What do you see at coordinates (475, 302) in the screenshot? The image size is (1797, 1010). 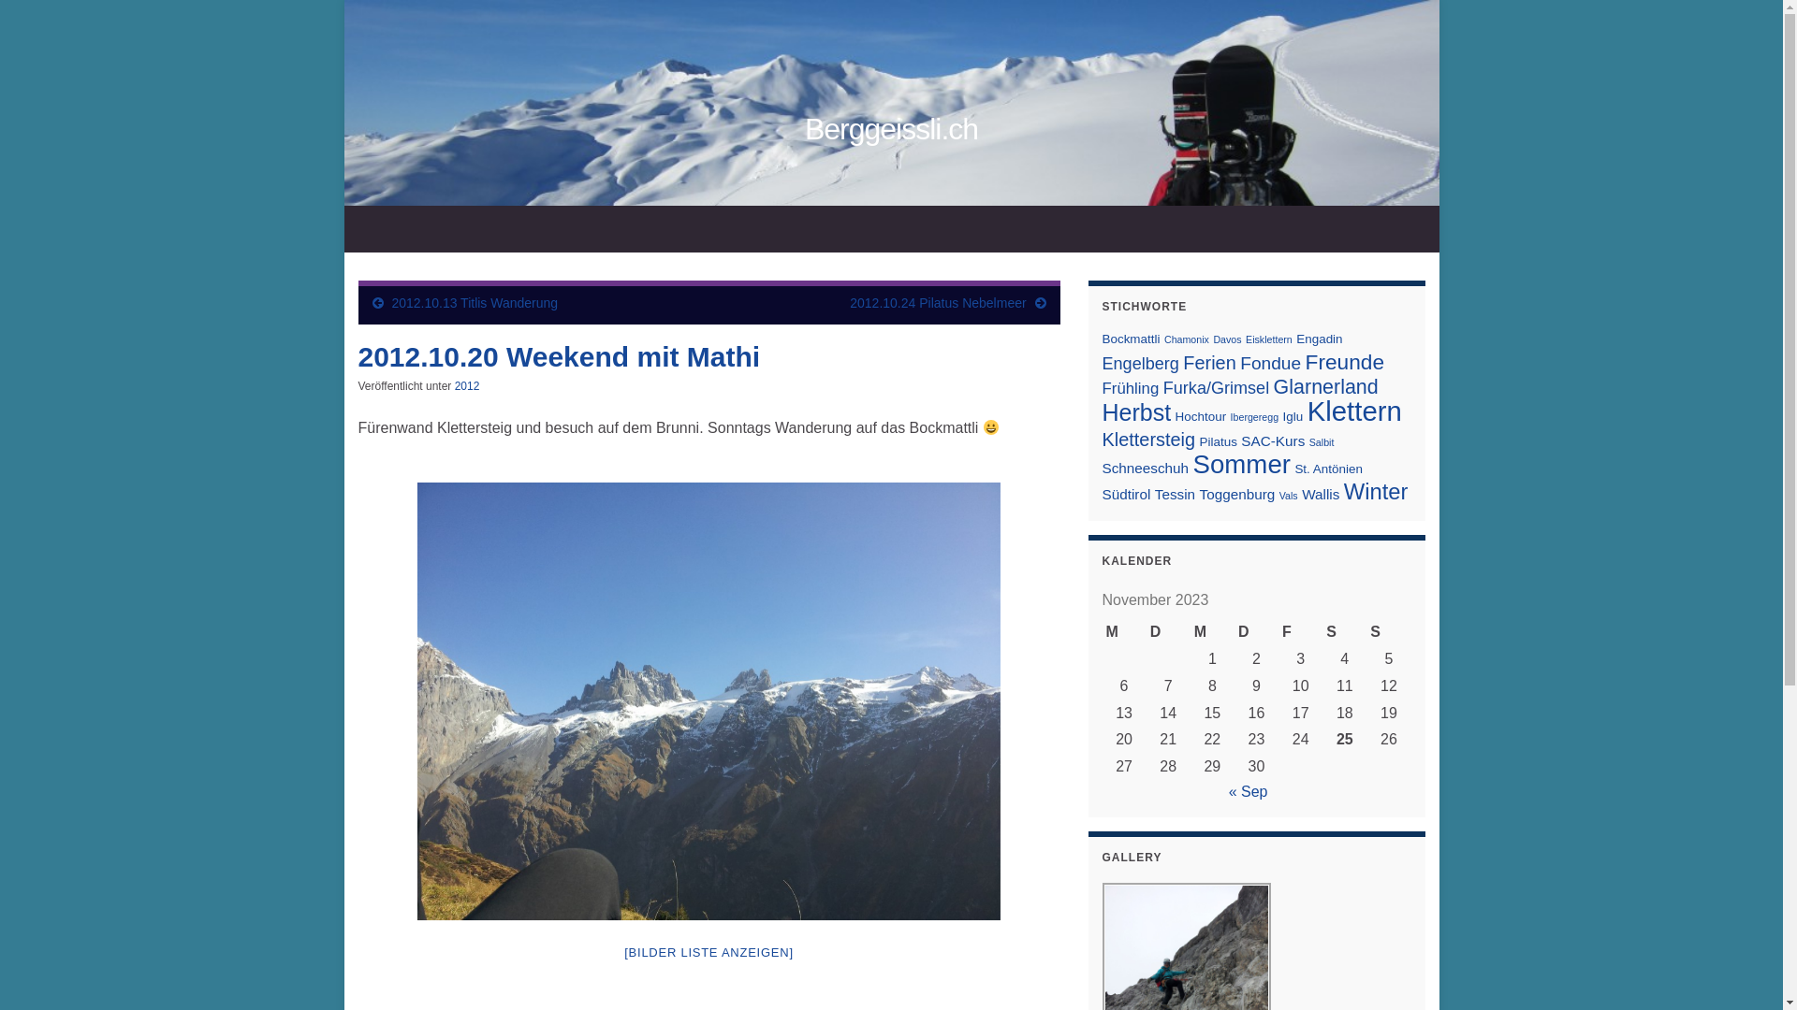 I see `'2012.10.13 Titlis Wanderung'` at bounding box center [475, 302].